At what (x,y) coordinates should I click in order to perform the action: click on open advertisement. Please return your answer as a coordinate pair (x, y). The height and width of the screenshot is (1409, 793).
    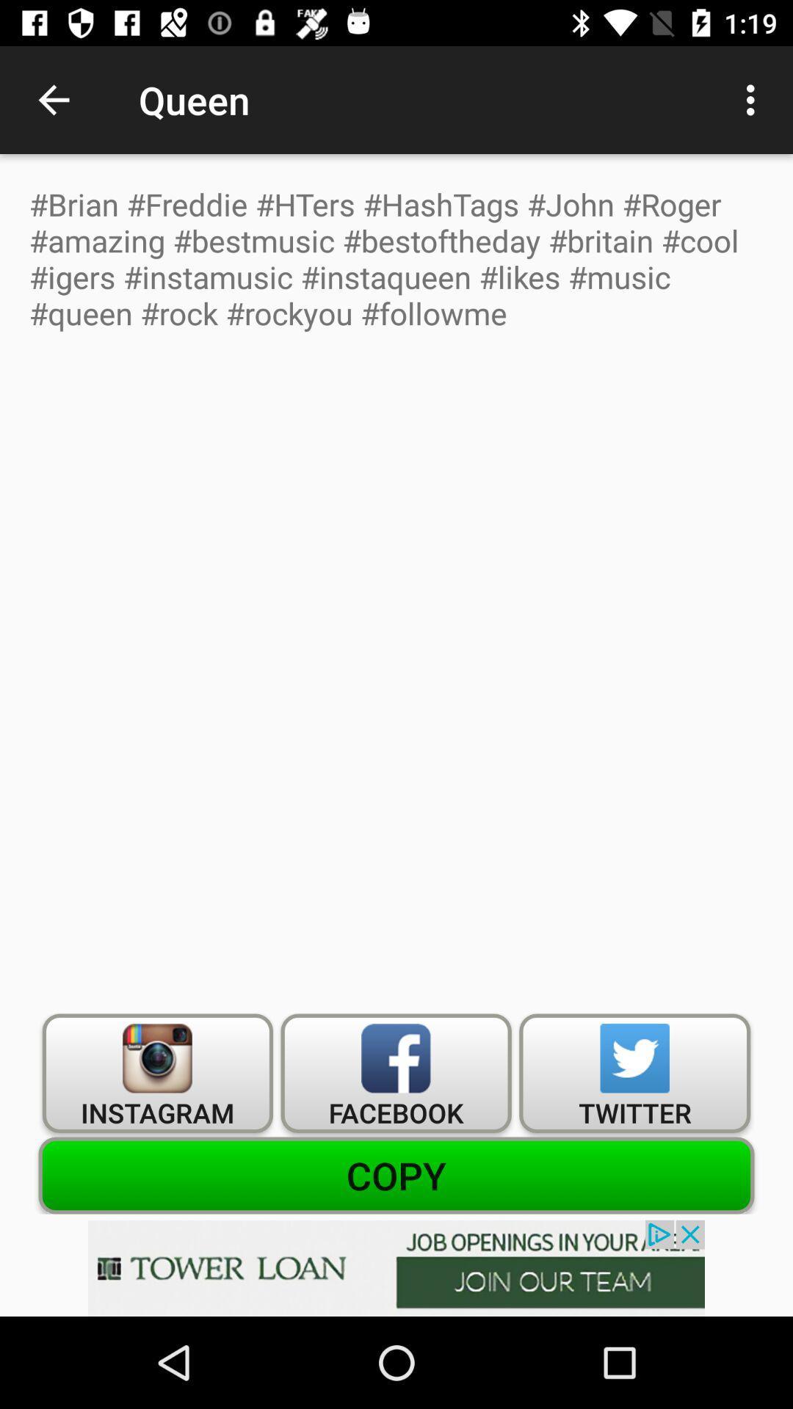
    Looking at the image, I should click on (396, 1267).